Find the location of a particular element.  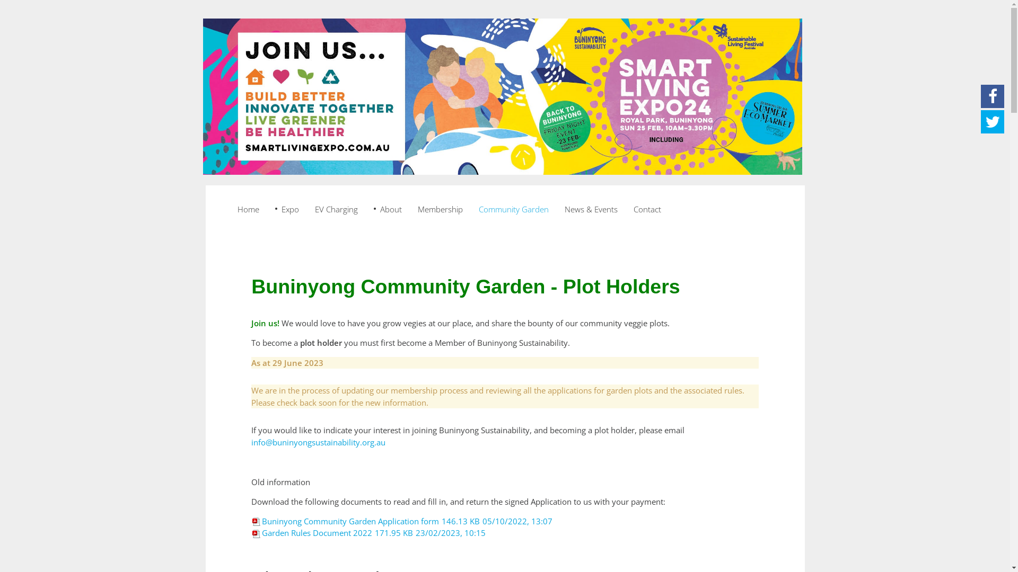

'Community Garden' is located at coordinates (514, 209).